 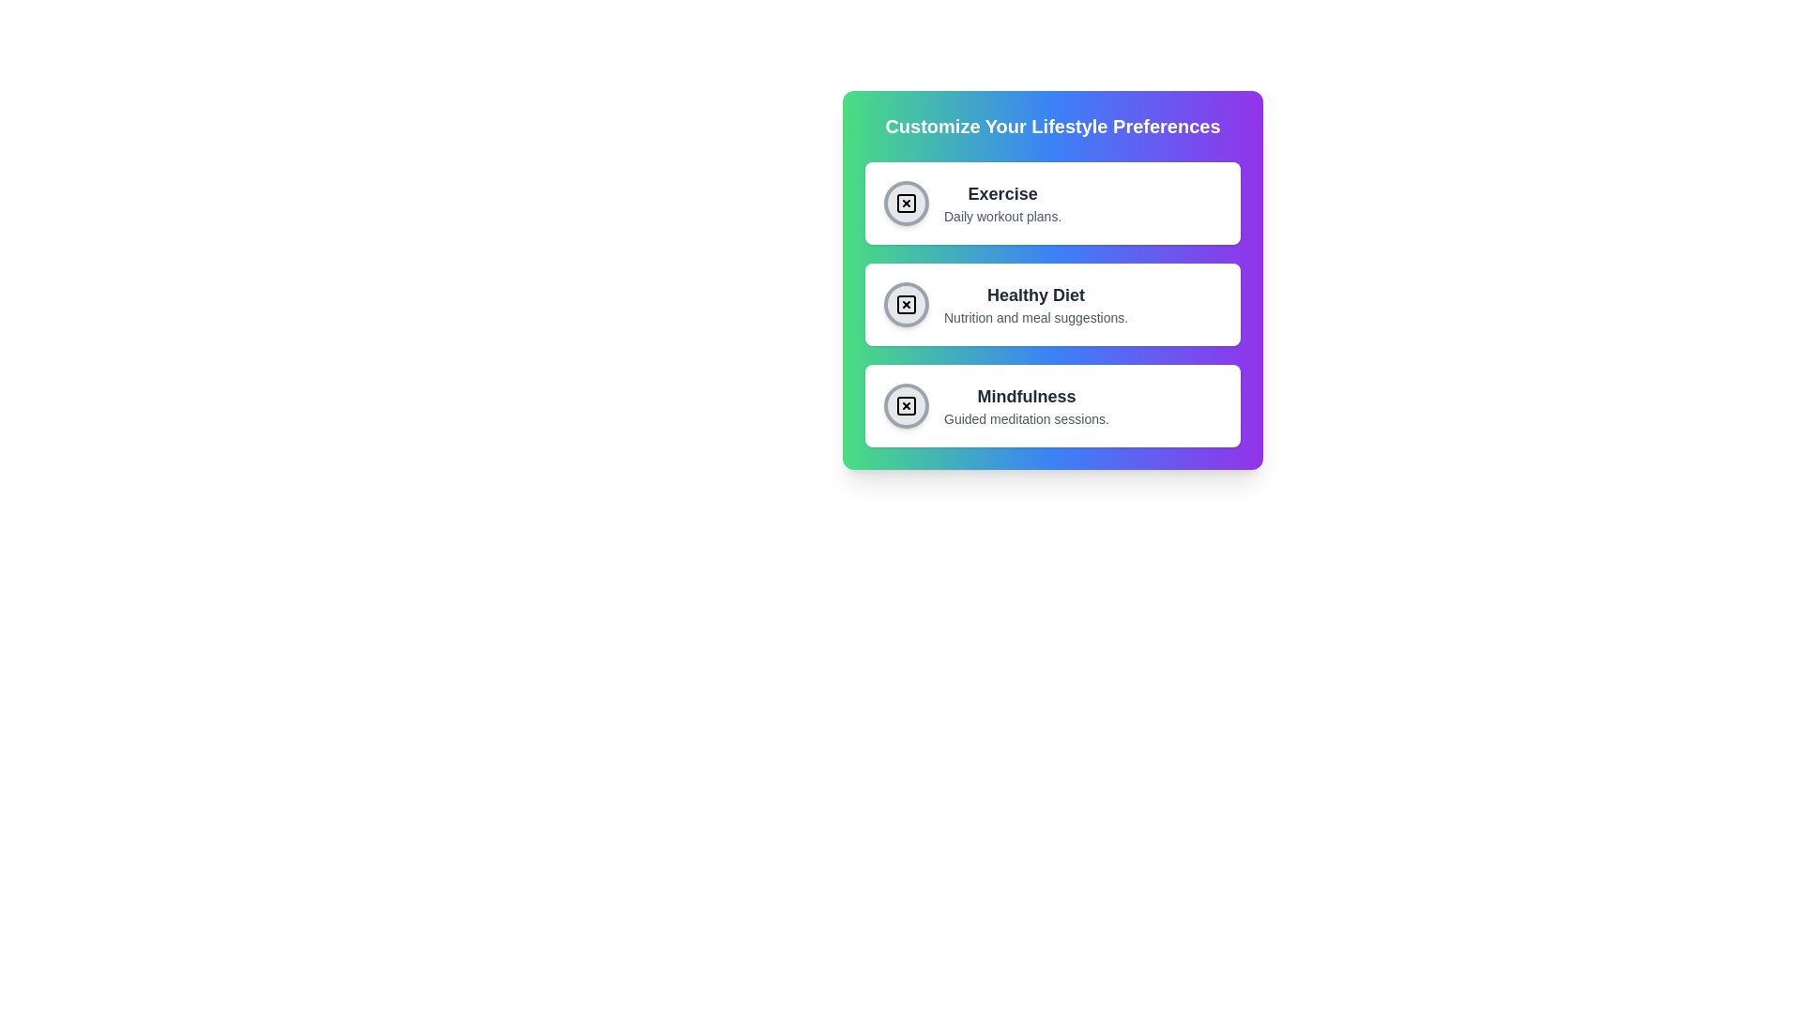 What do you see at coordinates (906, 404) in the screenshot?
I see `the background shape of the 'X' icon in the 'Mindfulness' section, which is the third icon in the list, to enhance visibility against the interface backdrop` at bounding box center [906, 404].